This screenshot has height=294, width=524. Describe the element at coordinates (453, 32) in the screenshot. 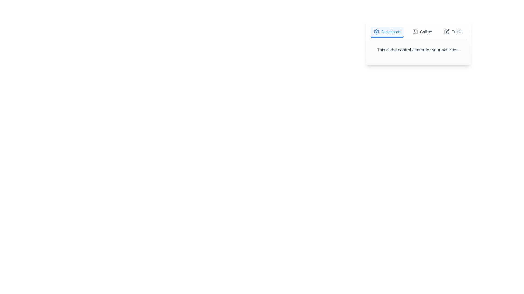

I see `the Profile tab` at that location.